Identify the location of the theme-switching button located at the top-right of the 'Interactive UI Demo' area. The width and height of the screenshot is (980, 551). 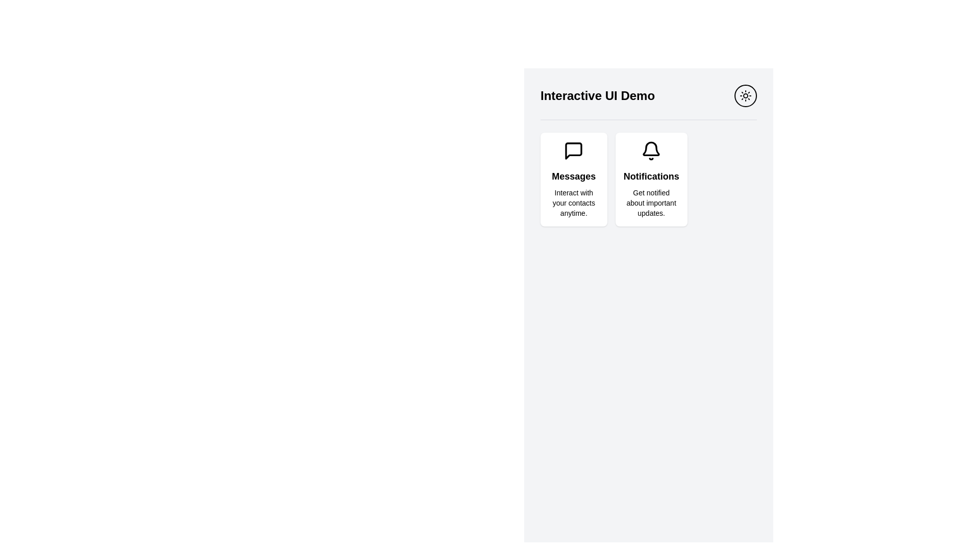
(745, 96).